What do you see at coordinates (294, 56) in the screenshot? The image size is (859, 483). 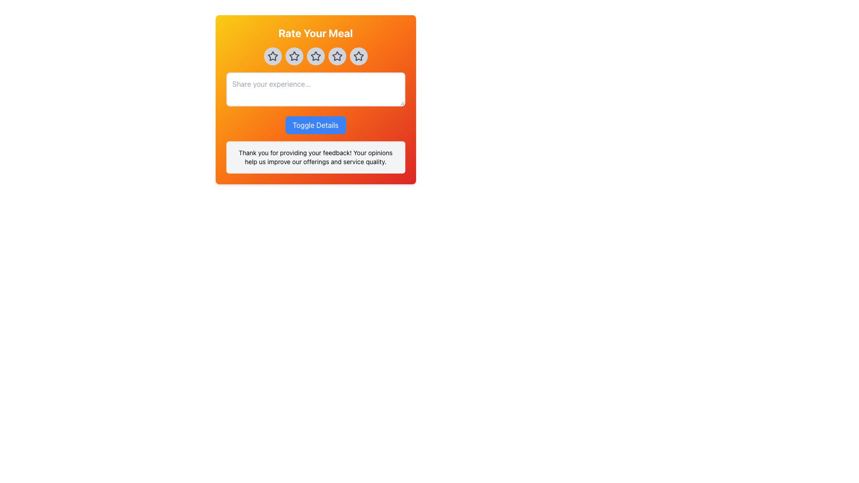 I see `the second star icon in the rating selector` at bounding box center [294, 56].